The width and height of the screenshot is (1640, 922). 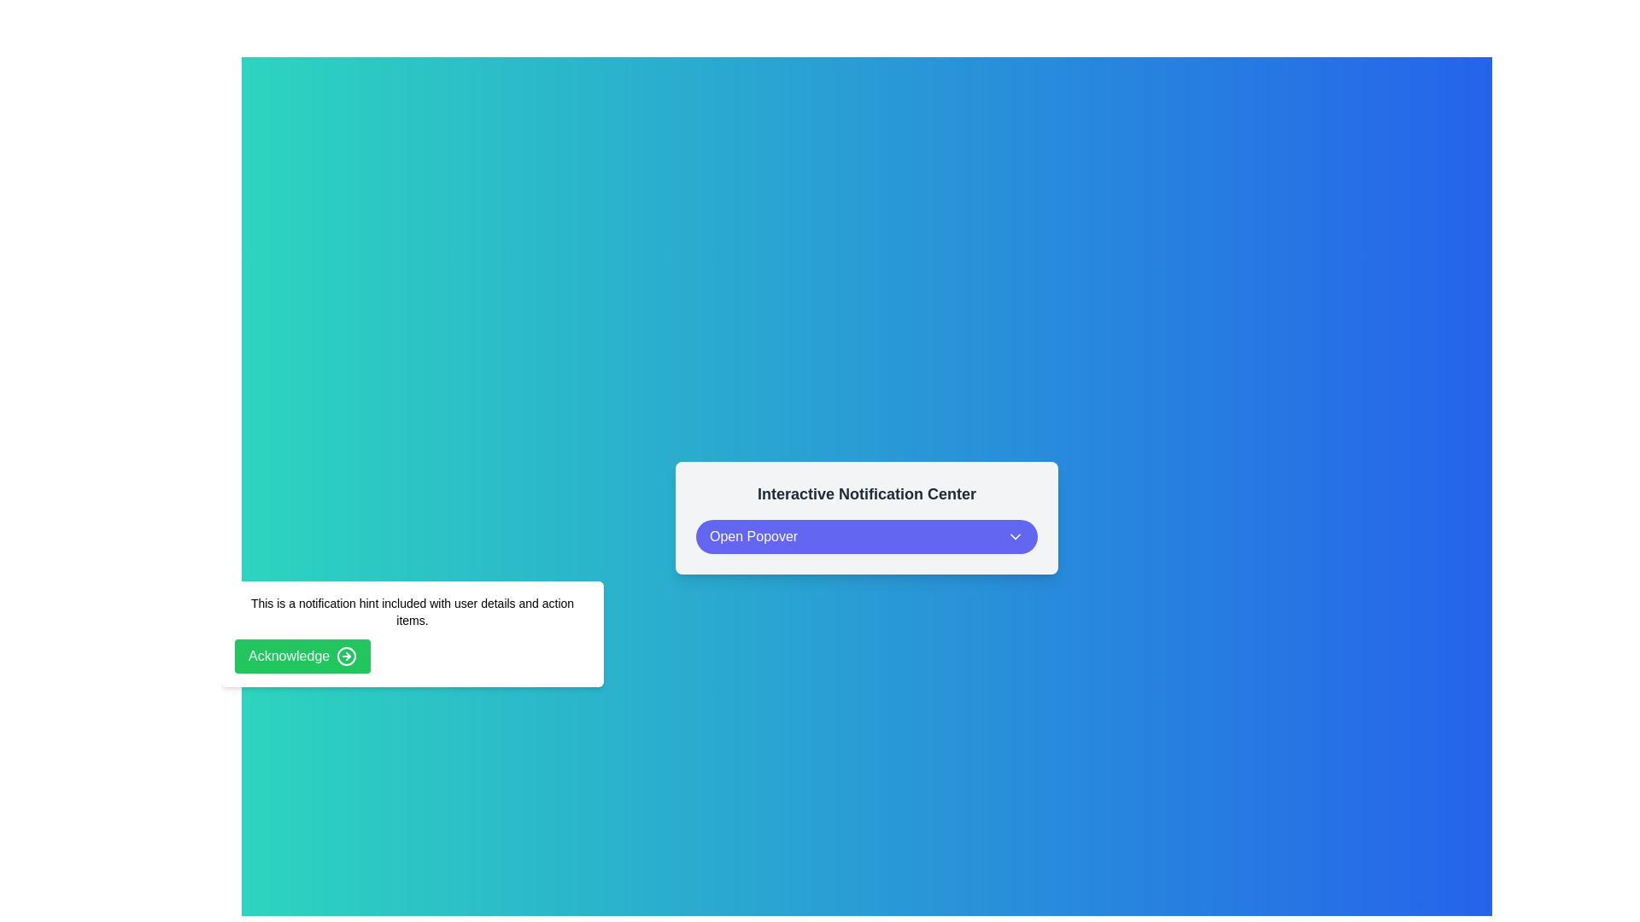 What do you see at coordinates (1016, 535) in the screenshot?
I see `the chevron icon located at the right end of the 'Open Popover' button` at bounding box center [1016, 535].